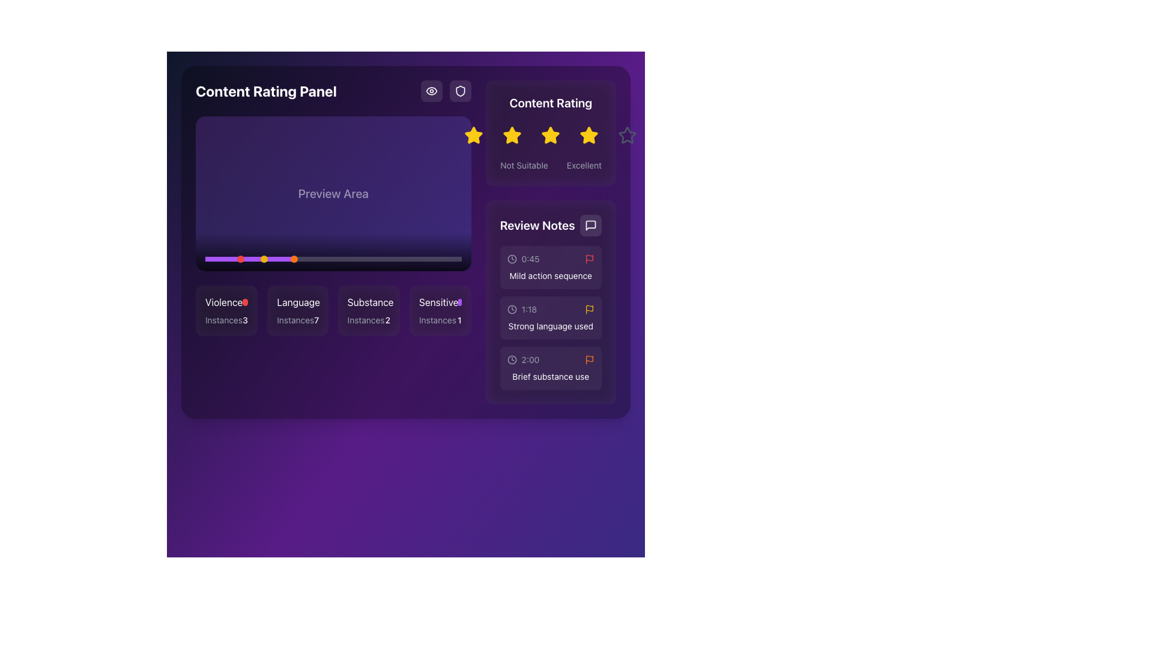 The height and width of the screenshot is (648, 1153). What do you see at coordinates (589, 135) in the screenshot?
I see `the fourth star icon in the rating UI component` at bounding box center [589, 135].